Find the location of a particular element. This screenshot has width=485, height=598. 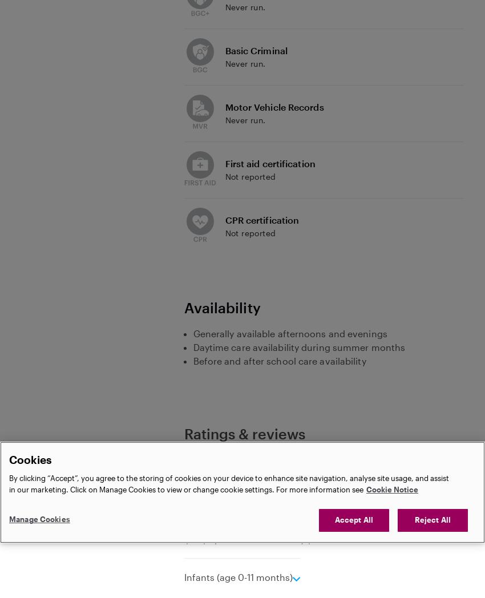

'Message' is located at coordinates (371, 556).